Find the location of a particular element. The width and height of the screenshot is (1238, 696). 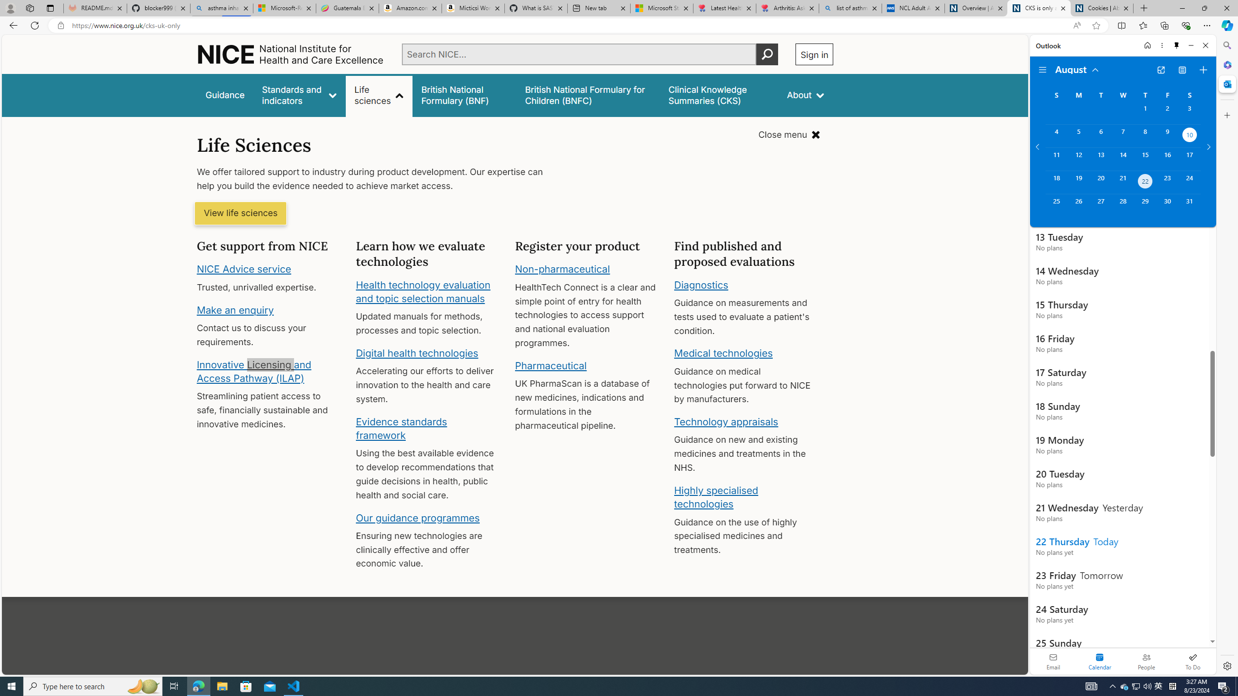

'Wednesday, August 28, 2024. ' is located at coordinates (1122, 205).